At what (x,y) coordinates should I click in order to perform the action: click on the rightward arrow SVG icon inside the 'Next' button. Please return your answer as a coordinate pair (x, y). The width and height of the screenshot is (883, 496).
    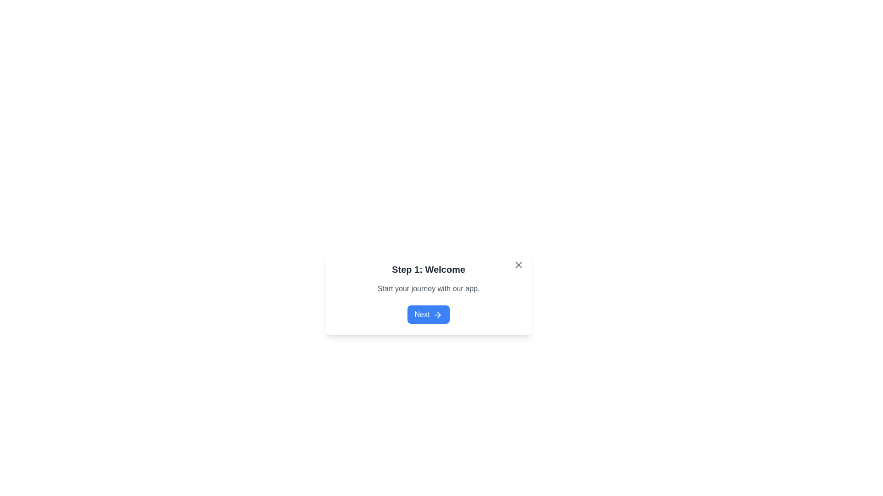
    Looking at the image, I should click on (437, 314).